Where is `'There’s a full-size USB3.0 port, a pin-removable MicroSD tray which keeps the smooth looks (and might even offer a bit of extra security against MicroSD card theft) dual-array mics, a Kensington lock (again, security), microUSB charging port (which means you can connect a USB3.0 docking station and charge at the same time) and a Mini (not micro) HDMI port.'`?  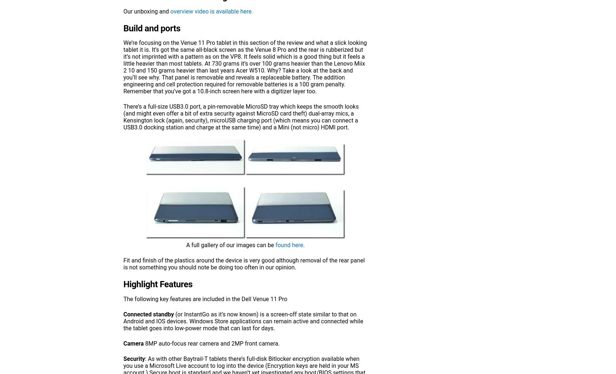 'There’s a full-size USB3.0 port, a pin-removable MicroSD tray which keeps the smooth looks (and might even offer a bit of extra security against MicroSD card theft) dual-array mics, a Kensington lock (again, security), microUSB charging port (which means you can connect a USB3.0 docking station and charge at the same time) and a Mini (not micro) HDMI port.' is located at coordinates (241, 117).